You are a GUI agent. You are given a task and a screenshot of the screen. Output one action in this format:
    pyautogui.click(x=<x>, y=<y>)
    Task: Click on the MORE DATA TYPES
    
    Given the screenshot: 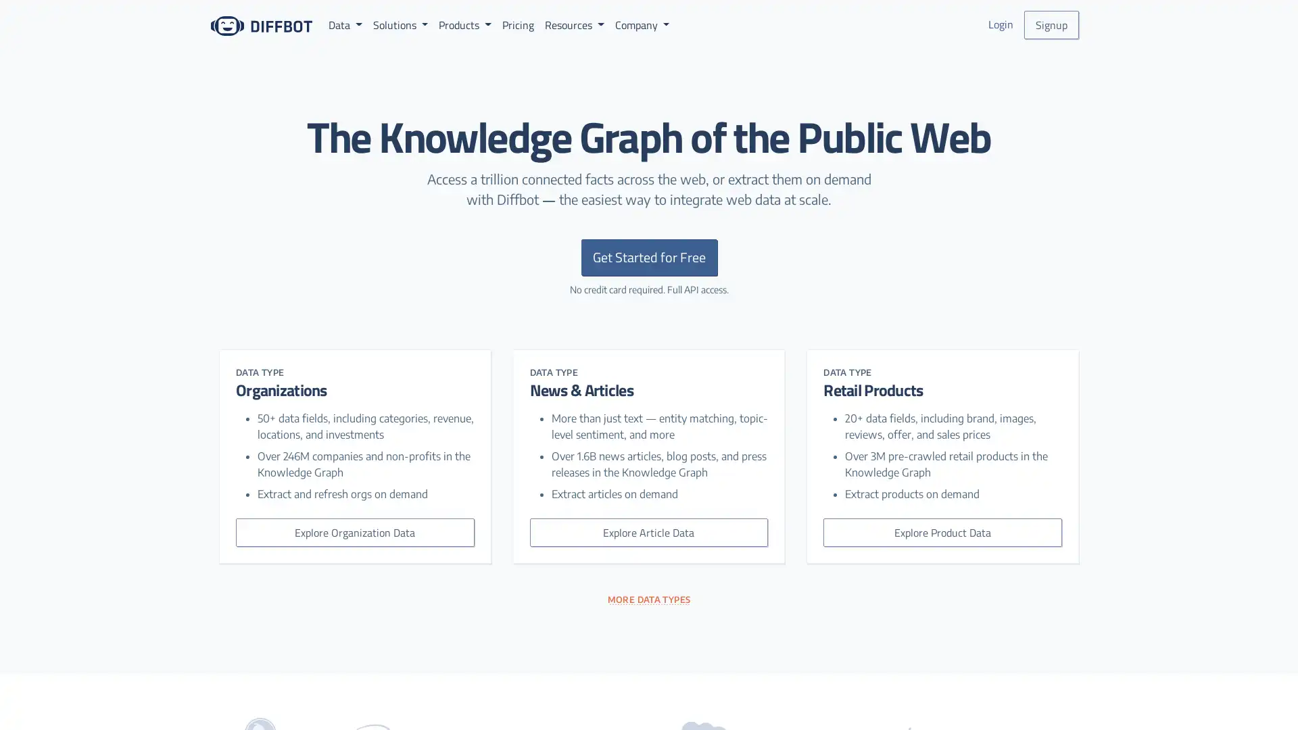 What is the action you would take?
    pyautogui.click(x=648, y=598)
    